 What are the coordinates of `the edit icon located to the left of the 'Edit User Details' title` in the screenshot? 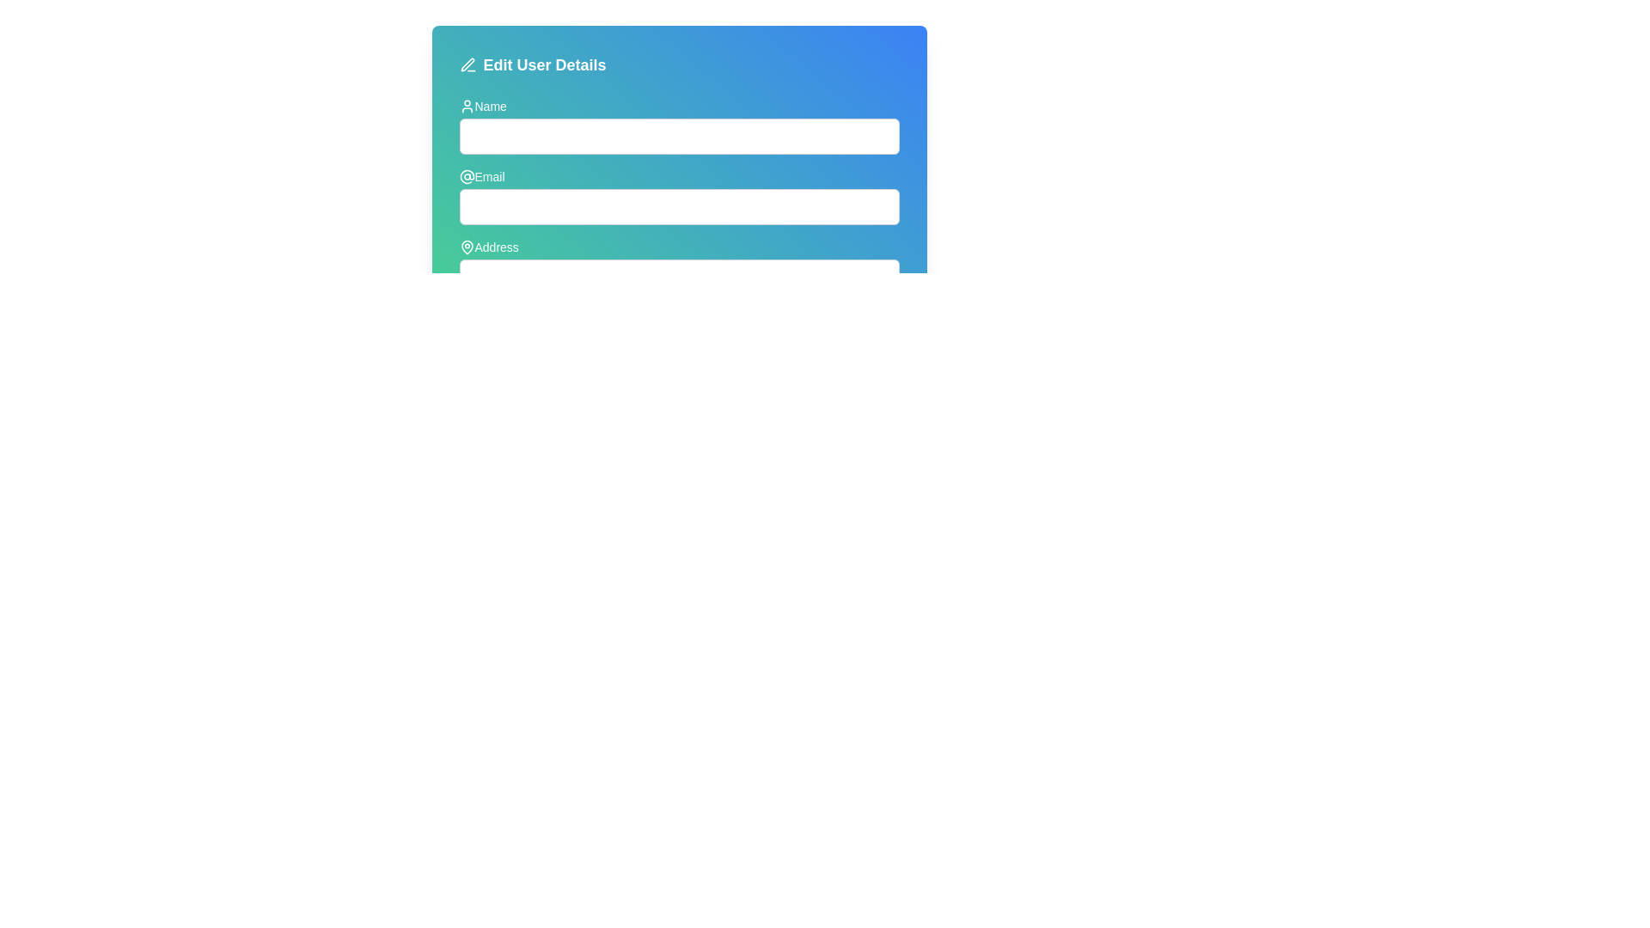 It's located at (467, 64).